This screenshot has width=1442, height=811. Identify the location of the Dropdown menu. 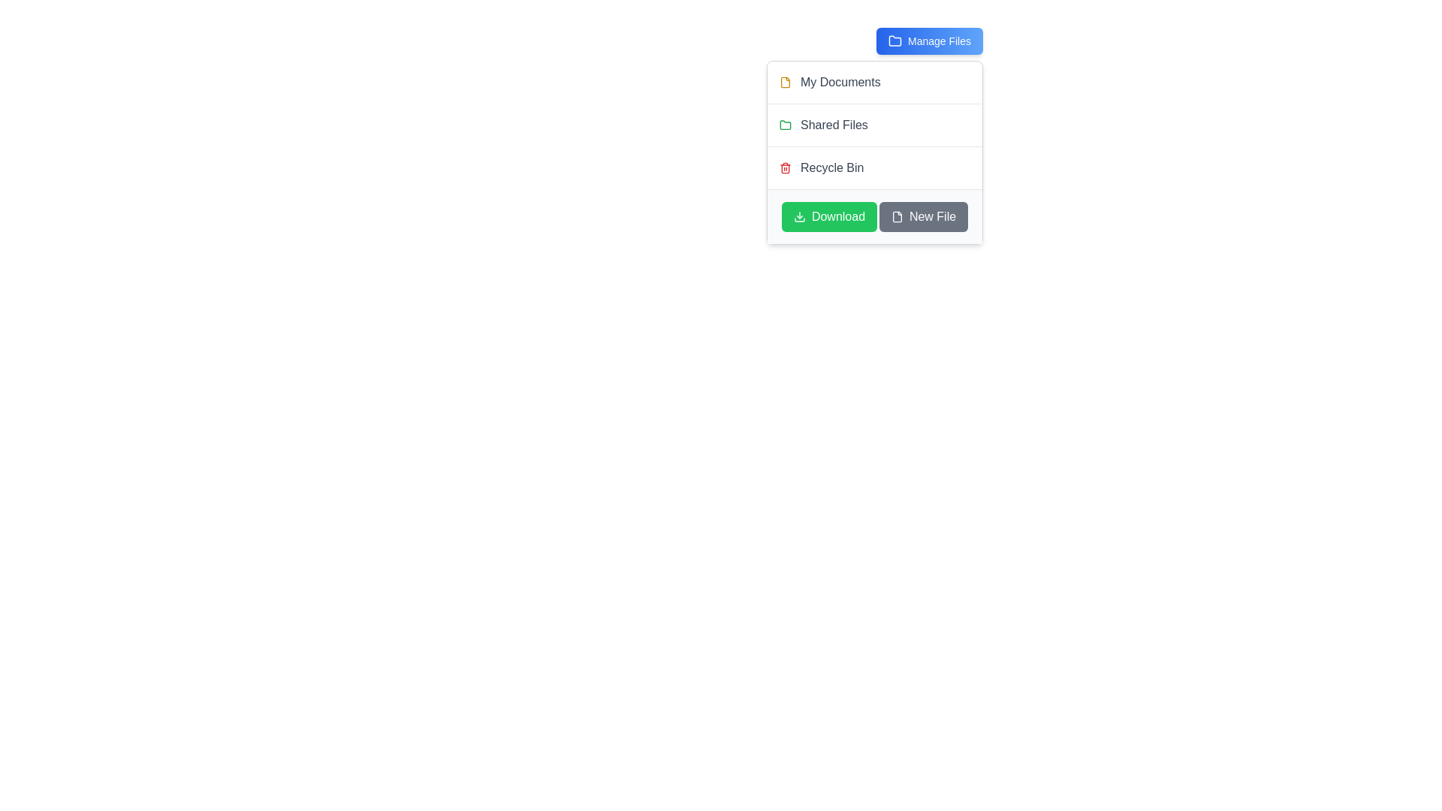
(875, 152).